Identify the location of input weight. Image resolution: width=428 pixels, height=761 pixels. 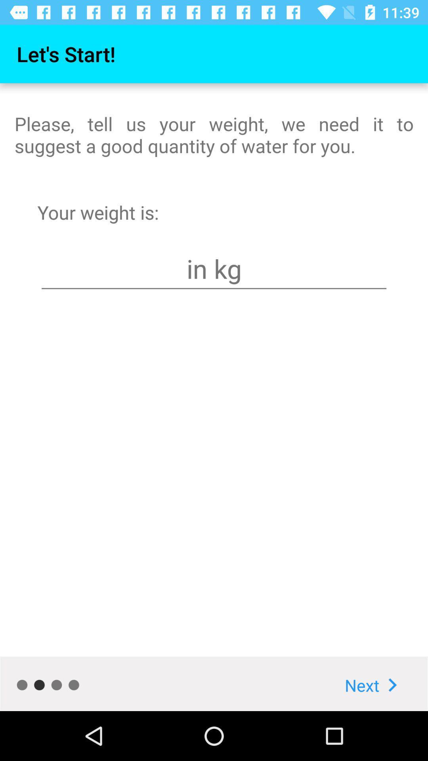
(214, 269).